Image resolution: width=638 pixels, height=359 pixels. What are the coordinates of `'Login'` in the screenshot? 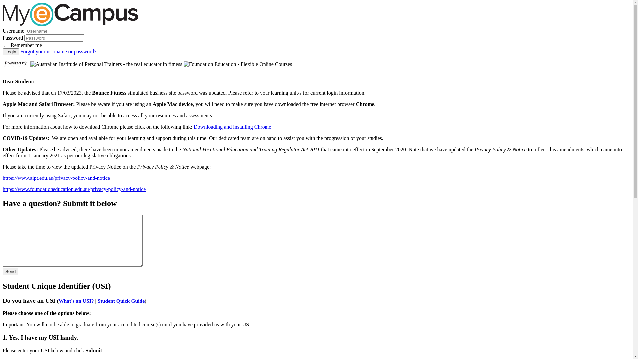 It's located at (3, 51).